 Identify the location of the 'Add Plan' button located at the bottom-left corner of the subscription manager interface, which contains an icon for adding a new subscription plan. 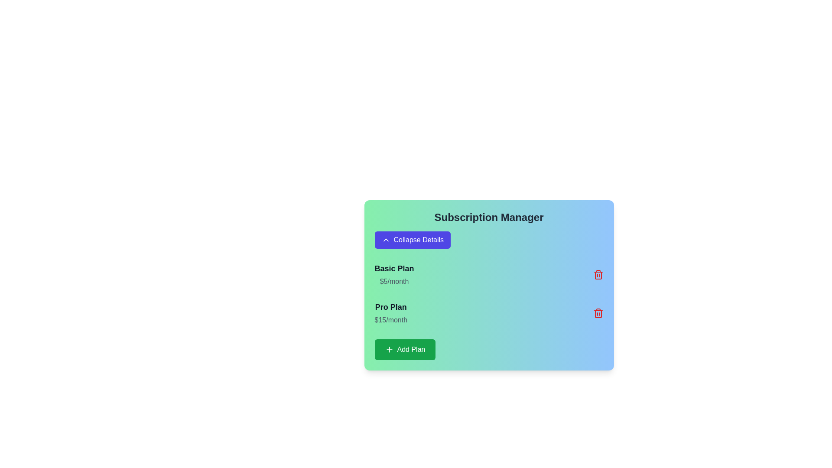
(389, 349).